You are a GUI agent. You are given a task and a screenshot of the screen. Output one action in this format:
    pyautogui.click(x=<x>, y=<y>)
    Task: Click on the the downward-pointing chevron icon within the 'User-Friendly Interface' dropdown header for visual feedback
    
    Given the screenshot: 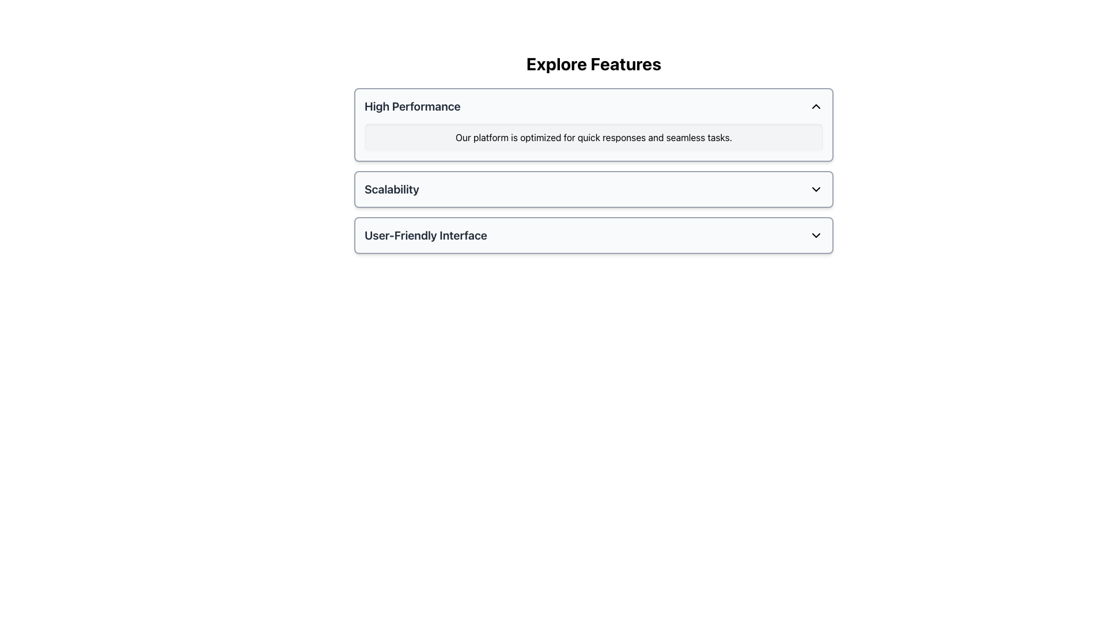 What is the action you would take?
    pyautogui.click(x=815, y=234)
    